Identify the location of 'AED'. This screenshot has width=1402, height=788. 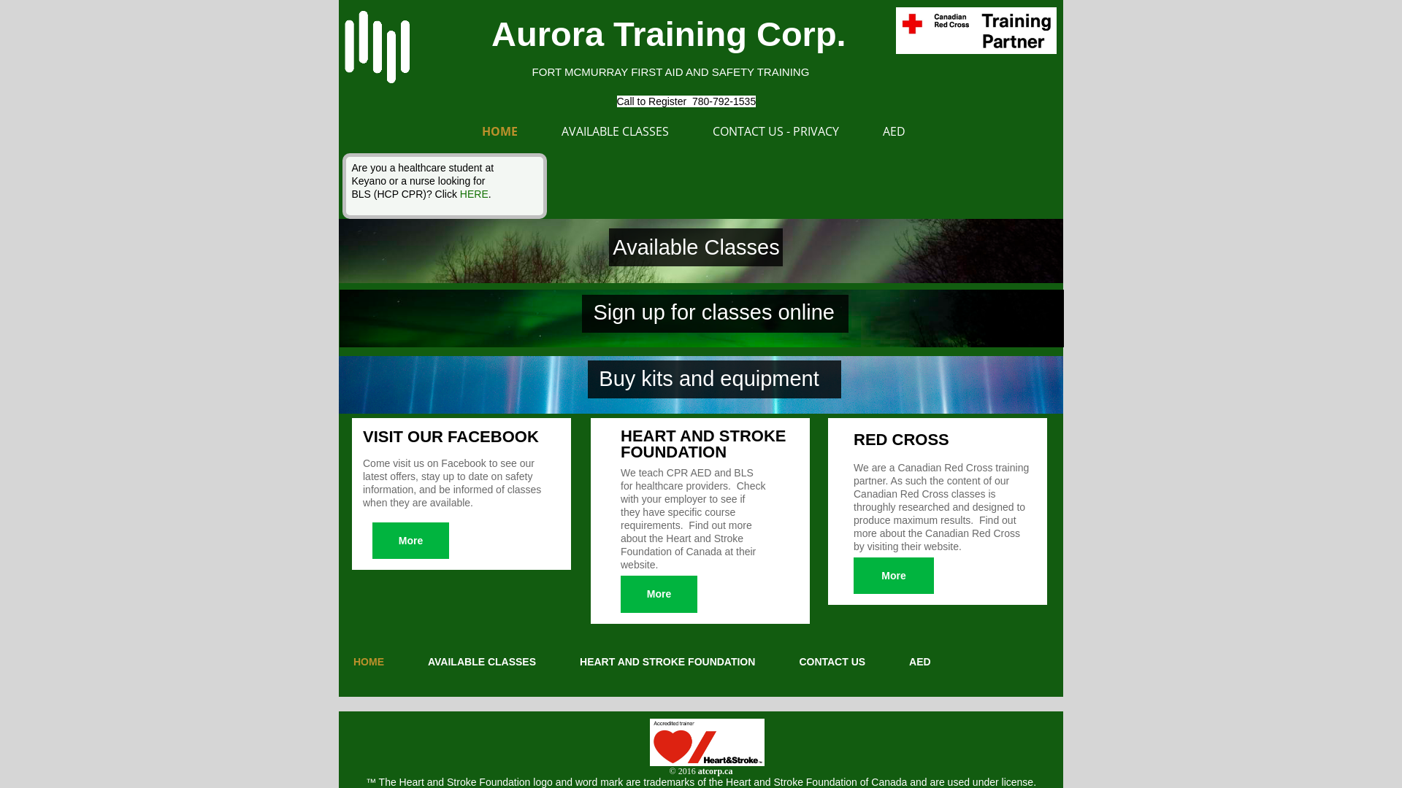
(893, 661).